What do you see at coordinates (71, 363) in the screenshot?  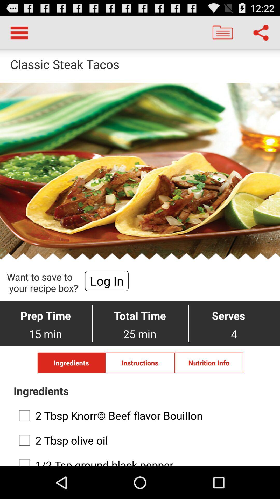 I see `text which is left to instructions` at bounding box center [71, 363].